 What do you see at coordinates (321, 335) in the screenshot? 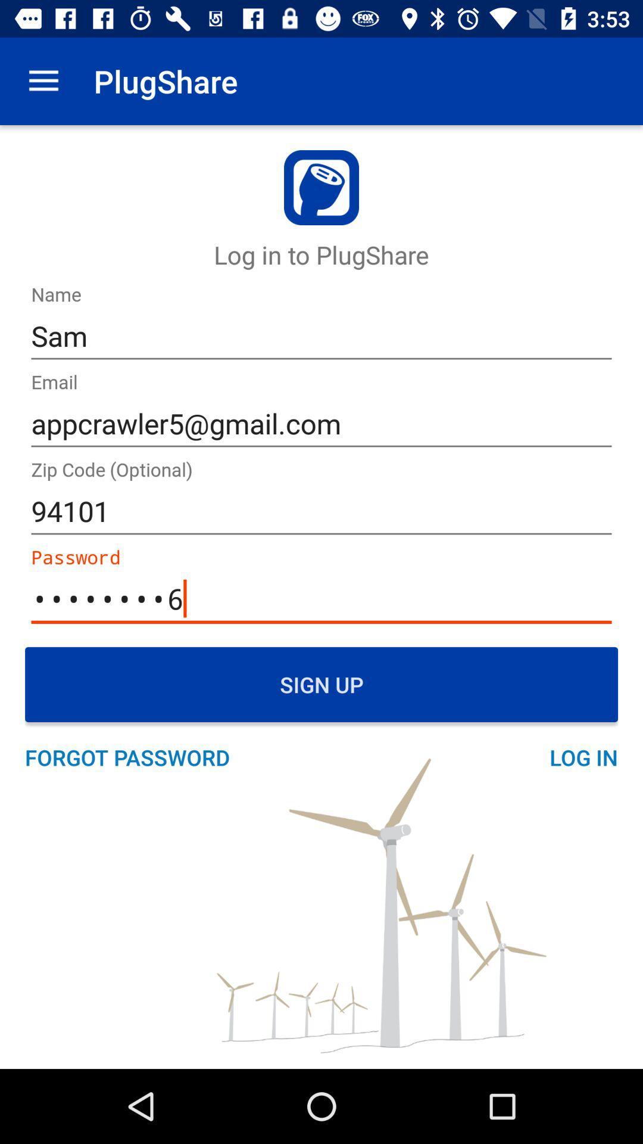
I see `item below the log in to` at bounding box center [321, 335].